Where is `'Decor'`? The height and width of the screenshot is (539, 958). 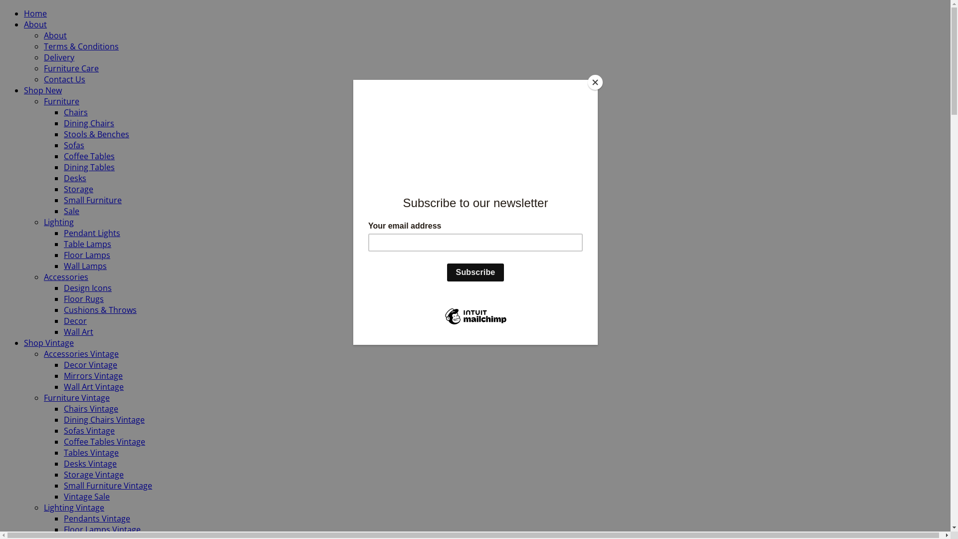 'Decor' is located at coordinates (74, 321).